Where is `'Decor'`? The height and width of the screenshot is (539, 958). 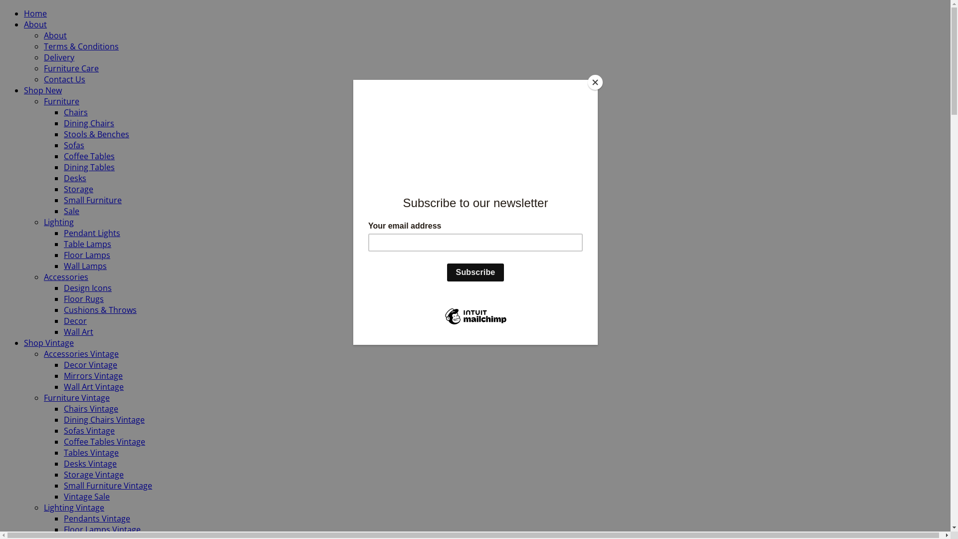 'Decor' is located at coordinates (74, 321).